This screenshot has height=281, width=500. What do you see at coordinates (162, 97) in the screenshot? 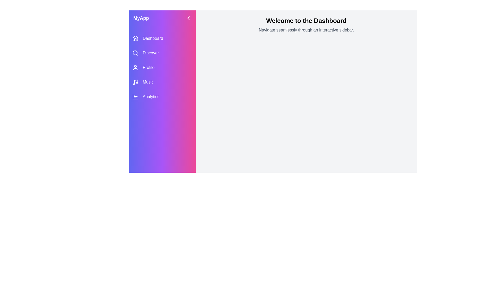
I see `the navigation item labeled Analytics` at bounding box center [162, 97].